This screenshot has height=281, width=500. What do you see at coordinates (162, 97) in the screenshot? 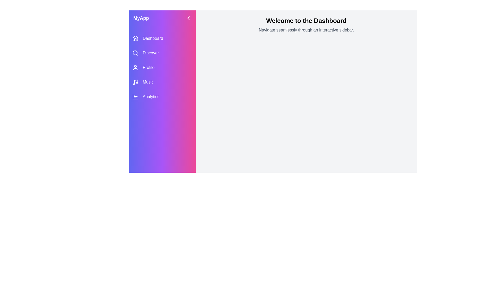
I see `the navigation item labeled Analytics` at bounding box center [162, 97].